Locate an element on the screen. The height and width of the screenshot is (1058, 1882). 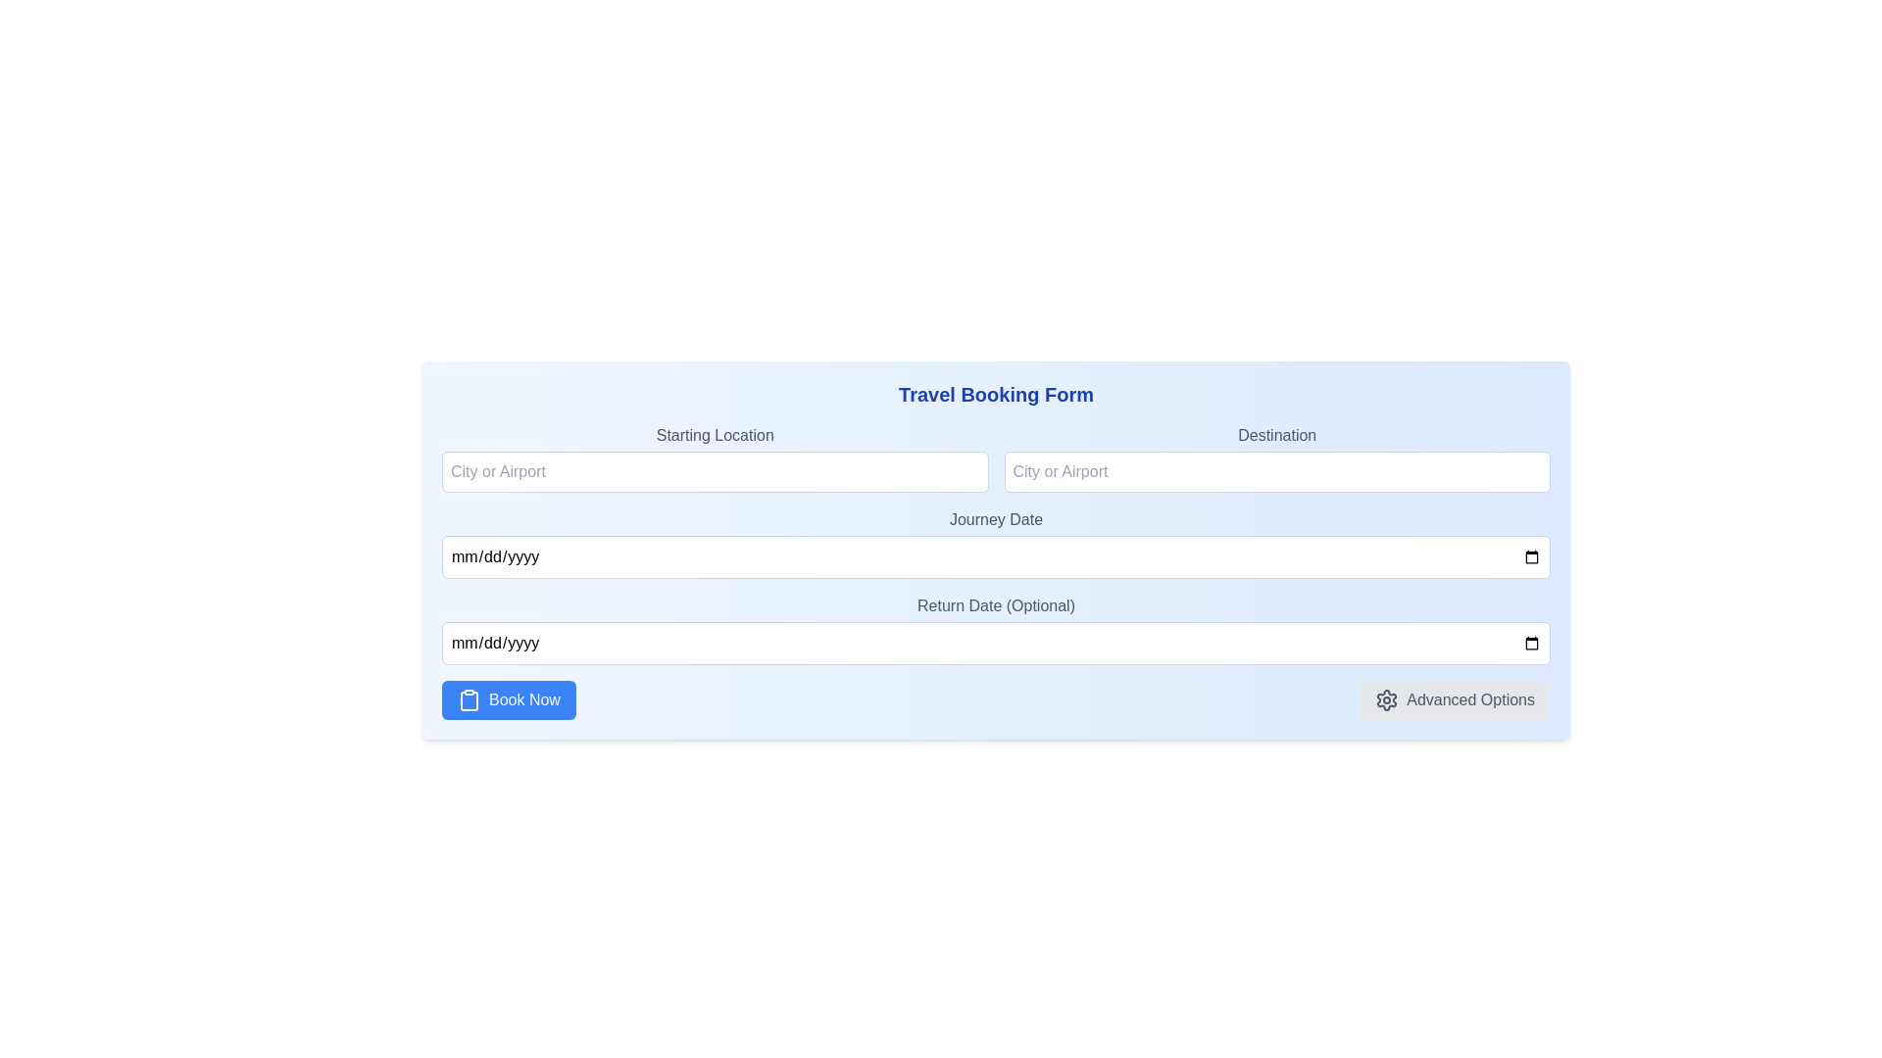
the clipboard icon located to the left of the 'Book Now' text is located at coordinates (469, 698).